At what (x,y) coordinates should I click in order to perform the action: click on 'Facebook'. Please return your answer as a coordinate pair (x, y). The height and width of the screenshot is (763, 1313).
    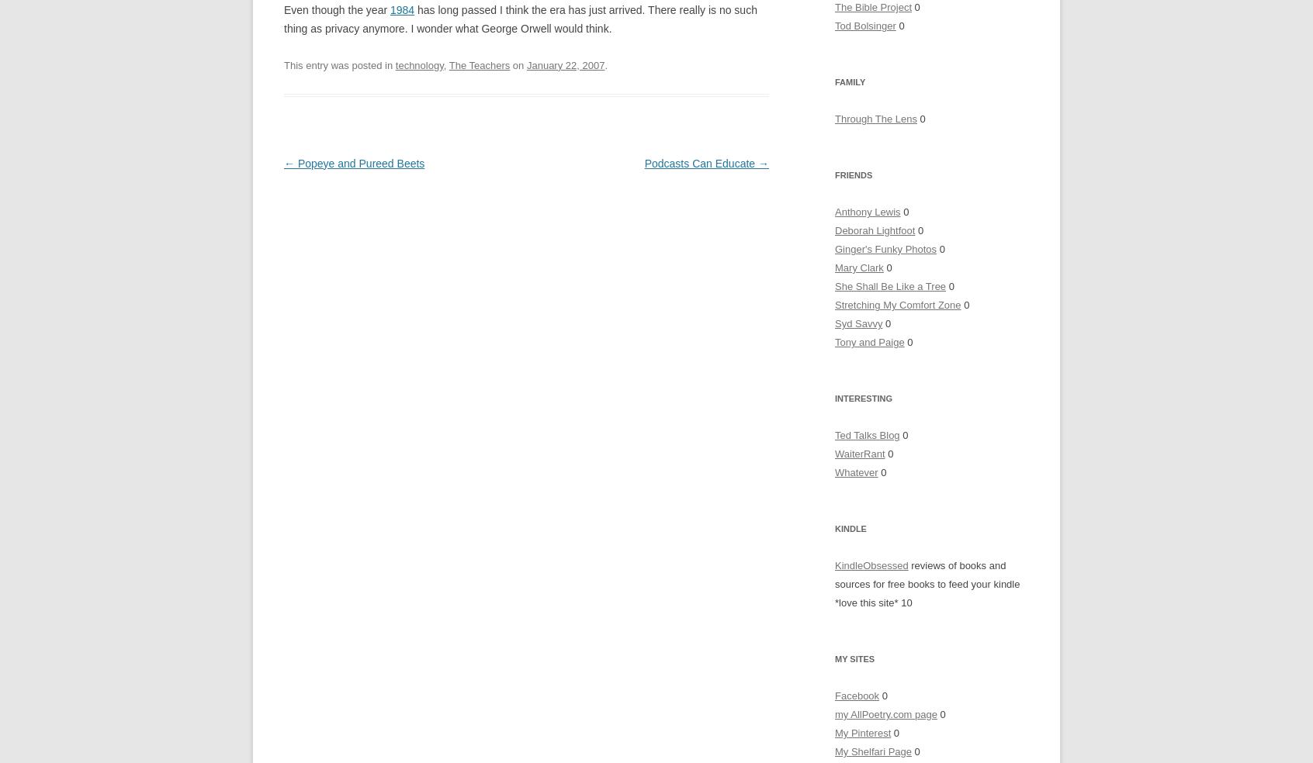
    Looking at the image, I should click on (857, 696).